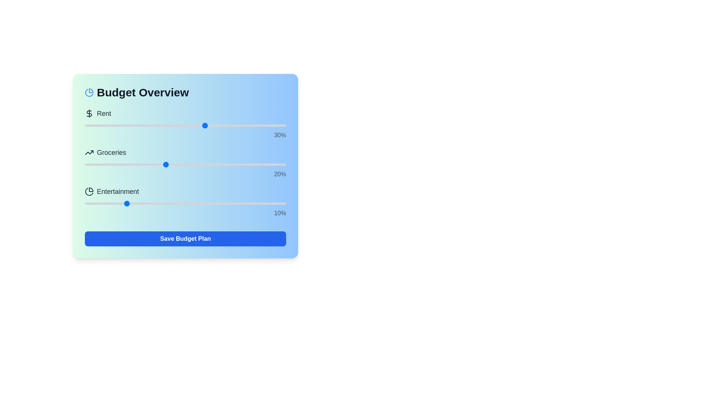  Describe the element at coordinates (266, 204) in the screenshot. I see `the 'Entertainment' slider` at that location.